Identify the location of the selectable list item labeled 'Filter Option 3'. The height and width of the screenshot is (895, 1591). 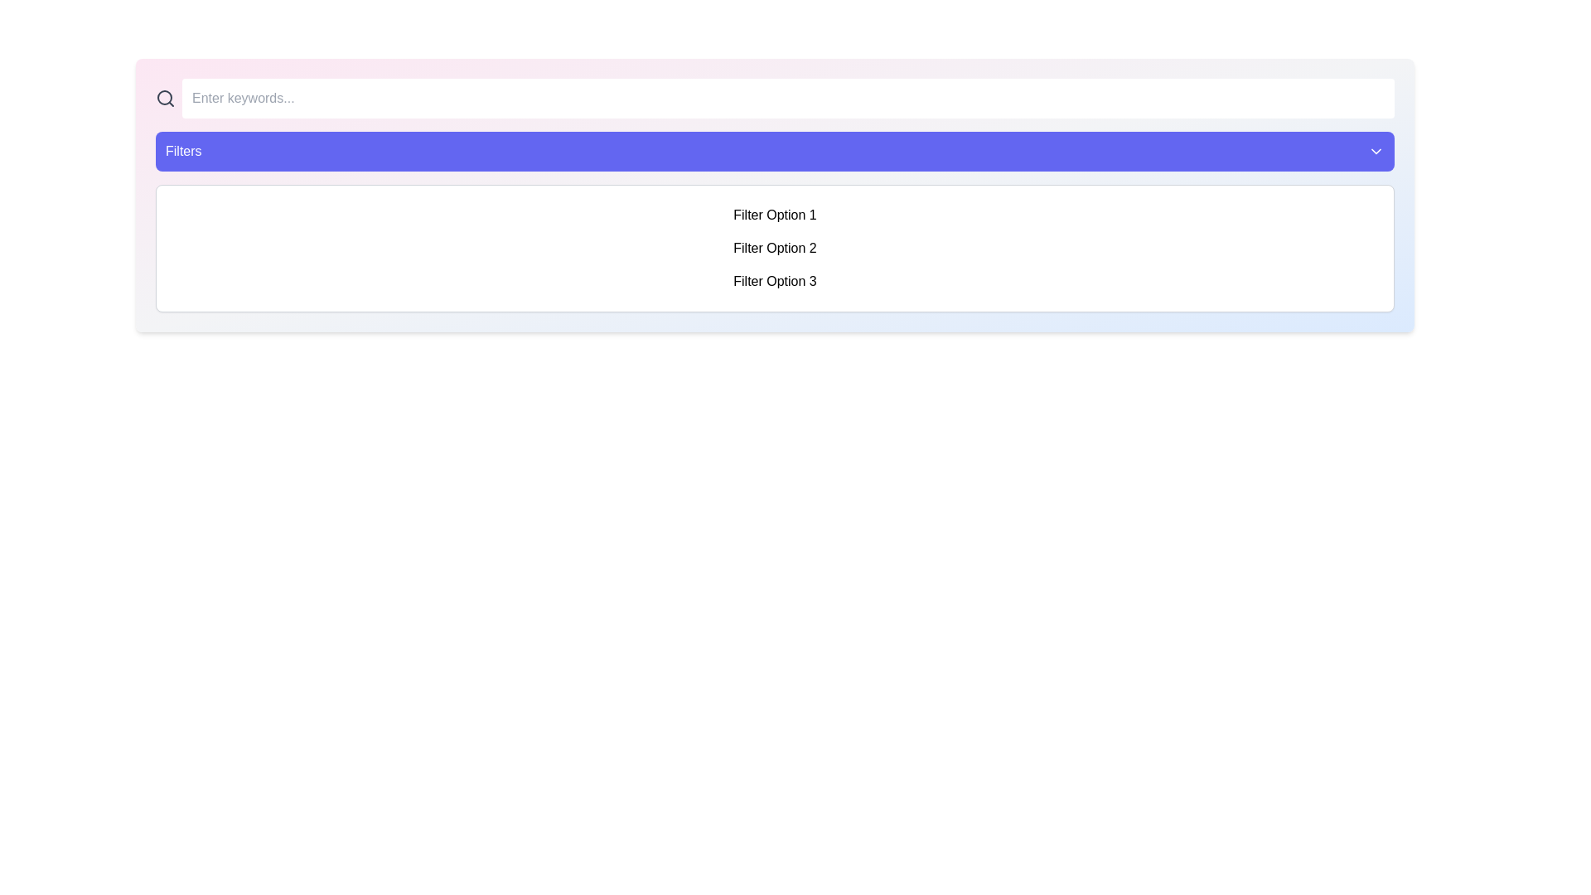
(774, 280).